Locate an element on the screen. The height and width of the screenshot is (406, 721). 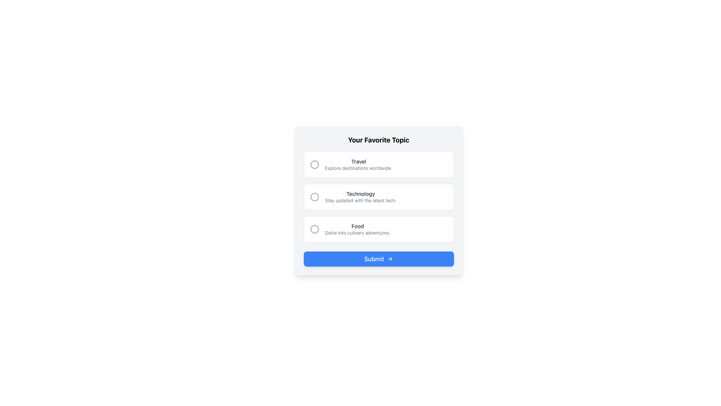
the 'Technology' radio button selector block, which is the second option in a vertical list between 'Travel' and 'Food' is located at coordinates (379, 197).